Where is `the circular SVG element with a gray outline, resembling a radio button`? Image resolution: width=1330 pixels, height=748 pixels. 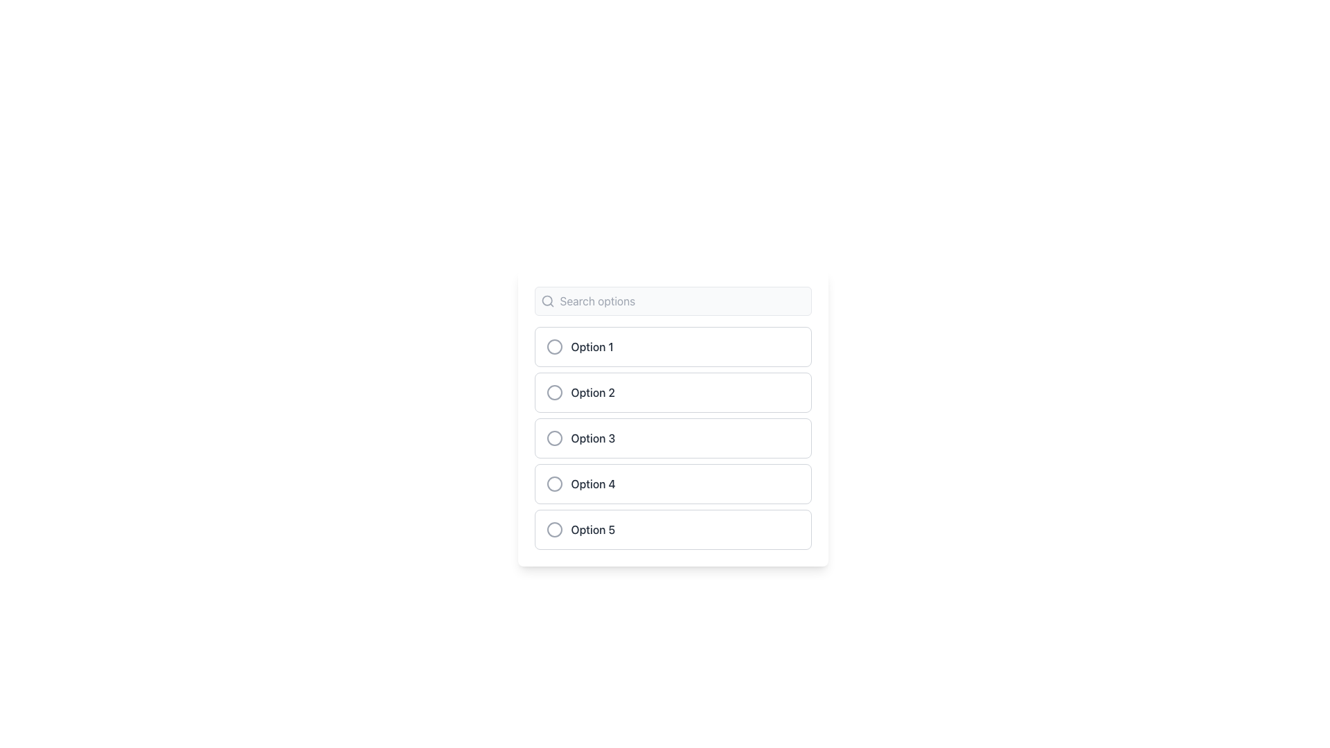 the circular SVG element with a gray outline, resembling a radio button is located at coordinates (554, 529).